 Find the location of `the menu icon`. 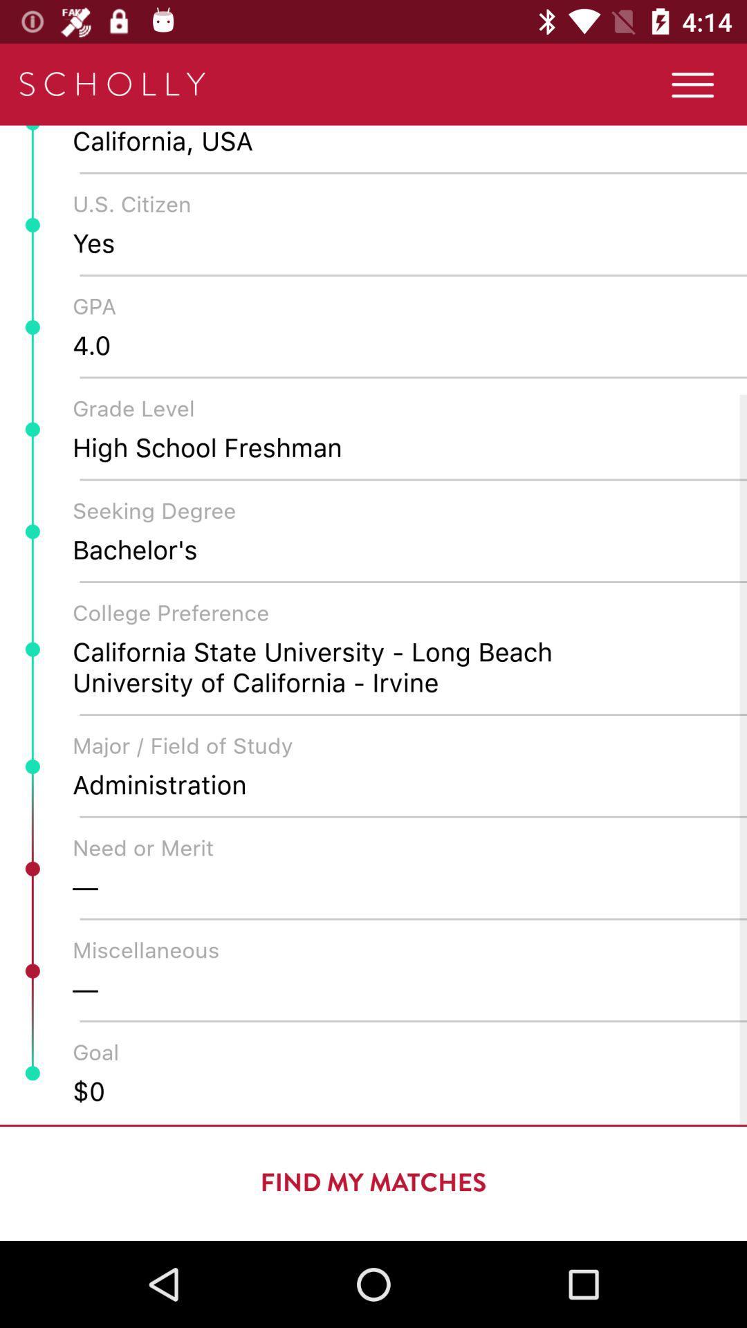

the menu icon is located at coordinates (692, 84).